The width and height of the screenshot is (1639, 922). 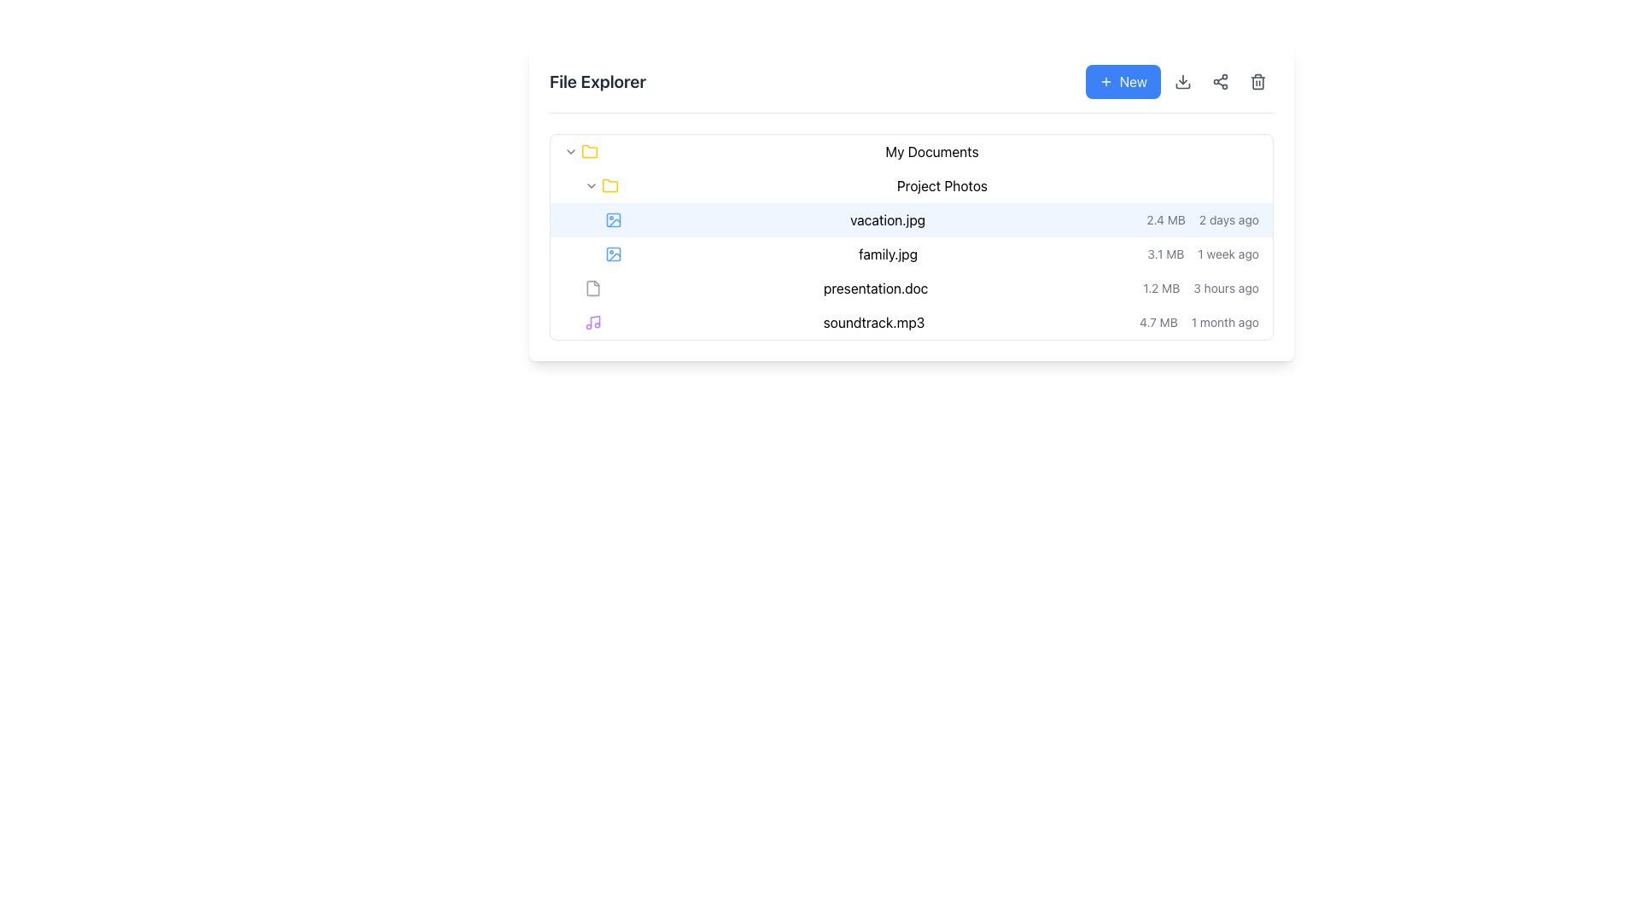 I want to click on the 'Delete' icon button located in the top-right corner of the interface, so click(x=1257, y=82).